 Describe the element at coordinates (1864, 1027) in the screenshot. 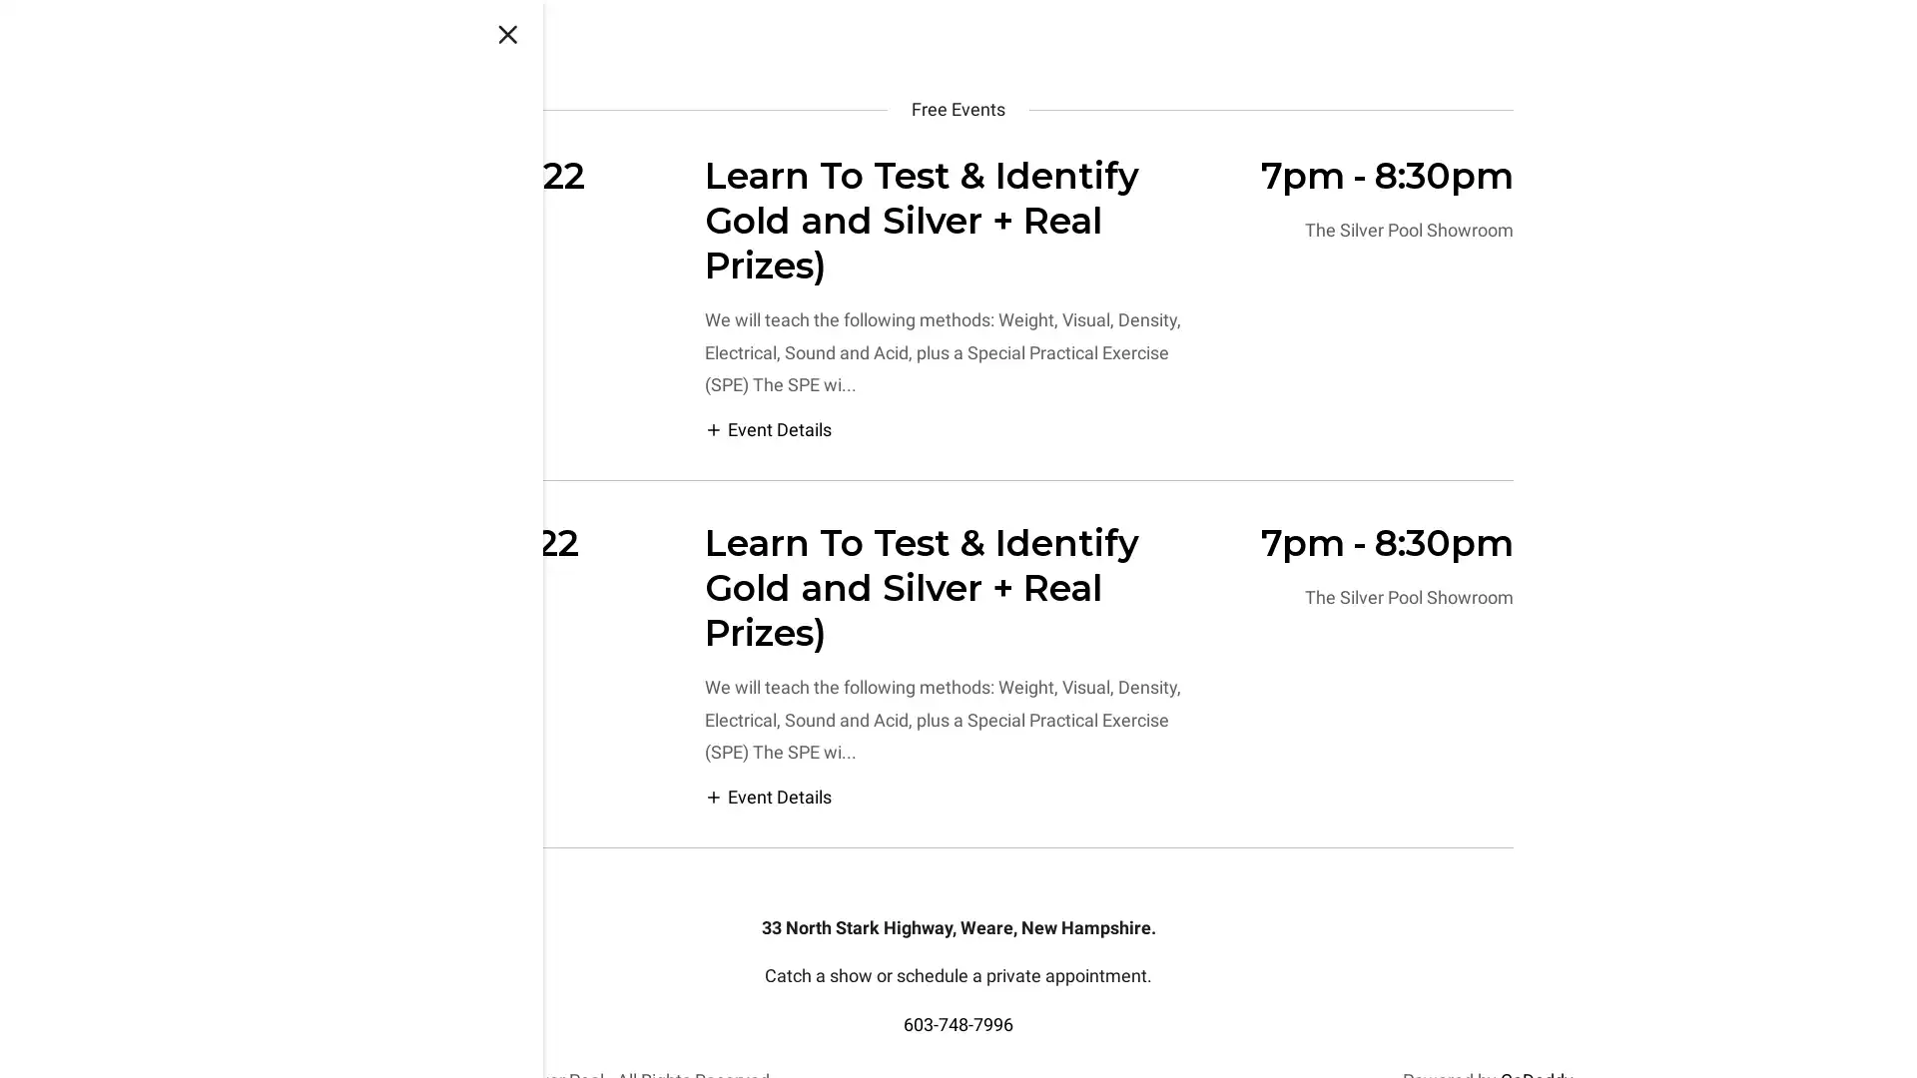

I see `Chat widget toggle` at that location.